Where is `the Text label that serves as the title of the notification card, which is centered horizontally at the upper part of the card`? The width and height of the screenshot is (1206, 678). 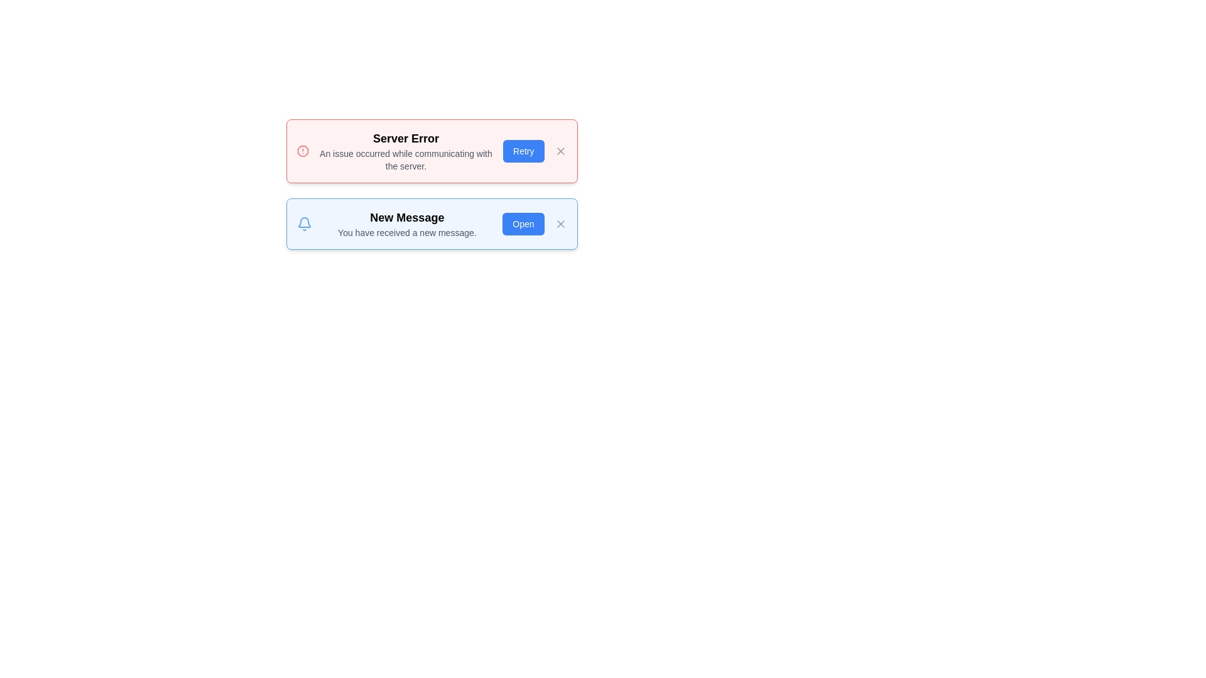
the Text label that serves as the title of the notification card, which is centered horizontally at the upper part of the card is located at coordinates (406, 138).